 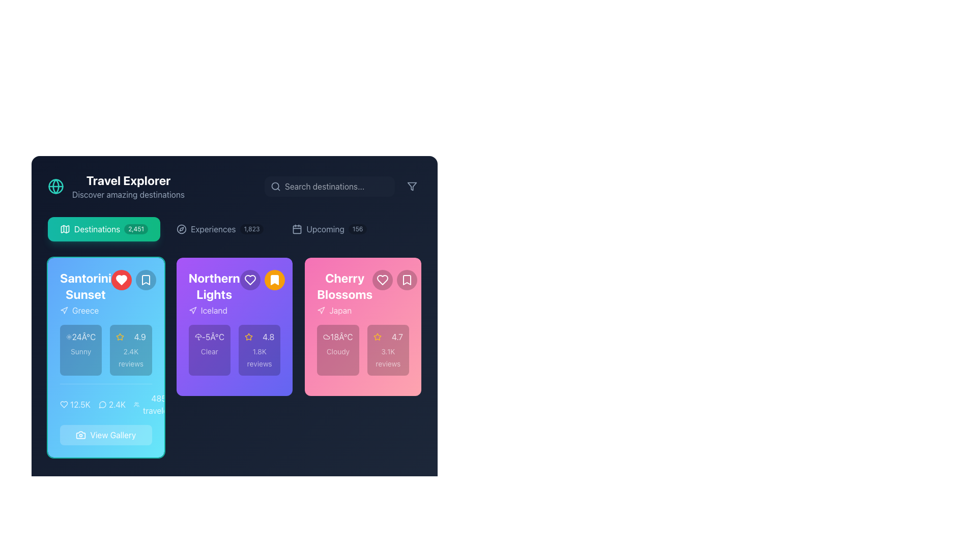 What do you see at coordinates (133, 280) in the screenshot?
I see `the bookmark button on the 'Santorini Sunset' card, located at the top-right corner of the card, which is part of a widget containing two circular buttons with icons` at bounding box center [133, 280].